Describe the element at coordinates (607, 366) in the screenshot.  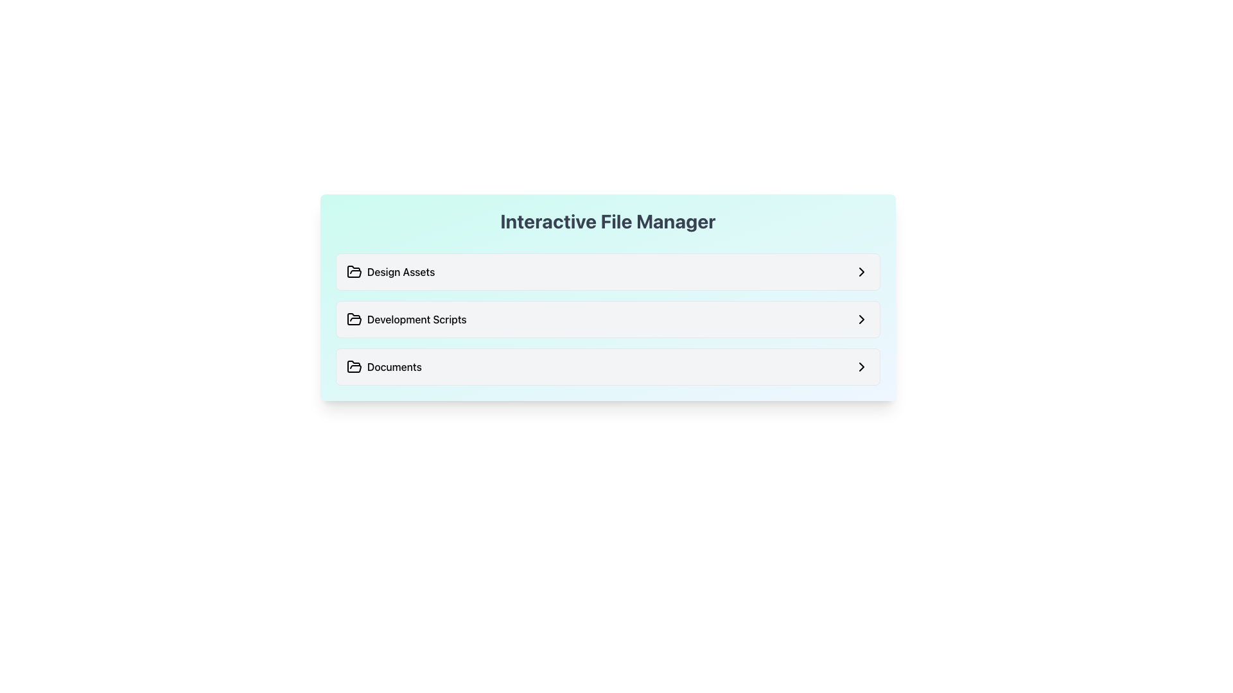
I see `the 'Documents' folder element, which is the third item in the list` at that location.